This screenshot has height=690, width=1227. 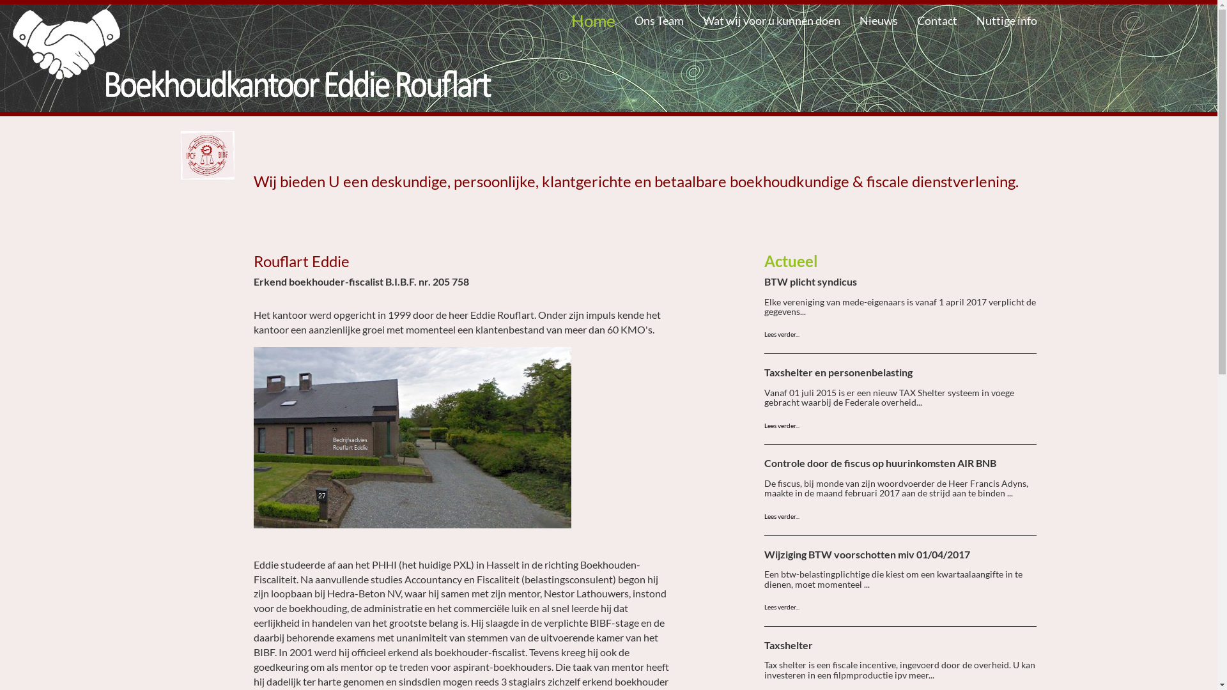 I want to click on 'Home', so click(x=561, y=20).